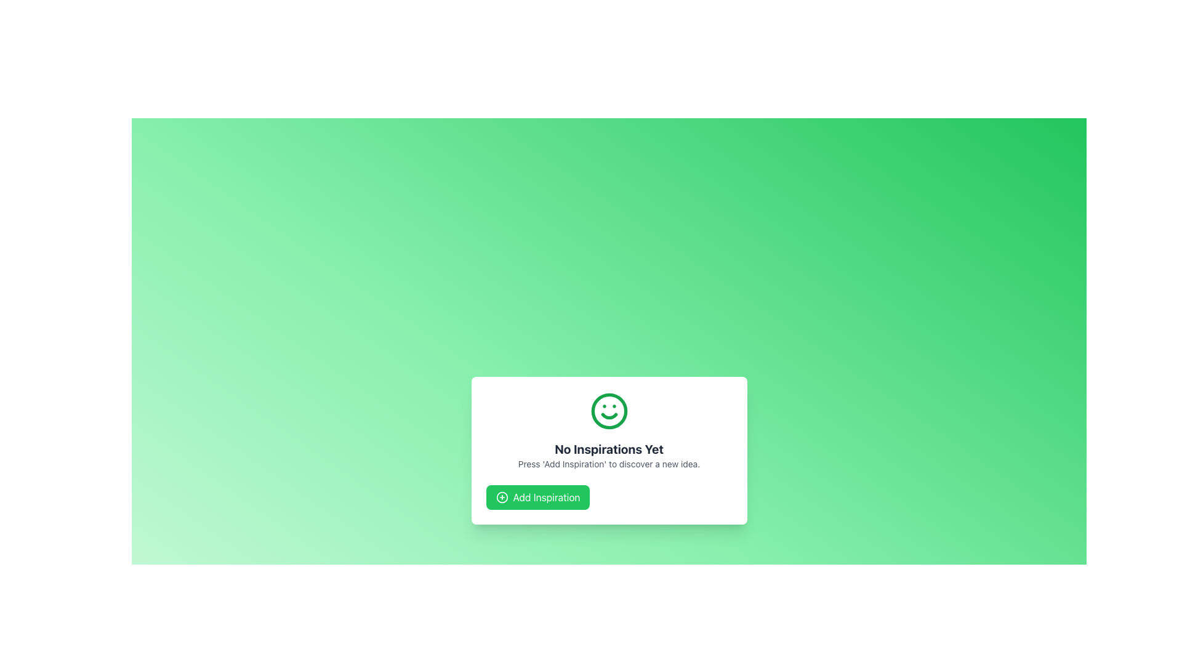 The height and width of the screenshot is (665, 1182). Describe the element at coordinates (502, 496) in the screenshot. I see `the SVG circle graphic that is part of the 'Add Inspiration' button, located at the bottom of the card component` at that location.